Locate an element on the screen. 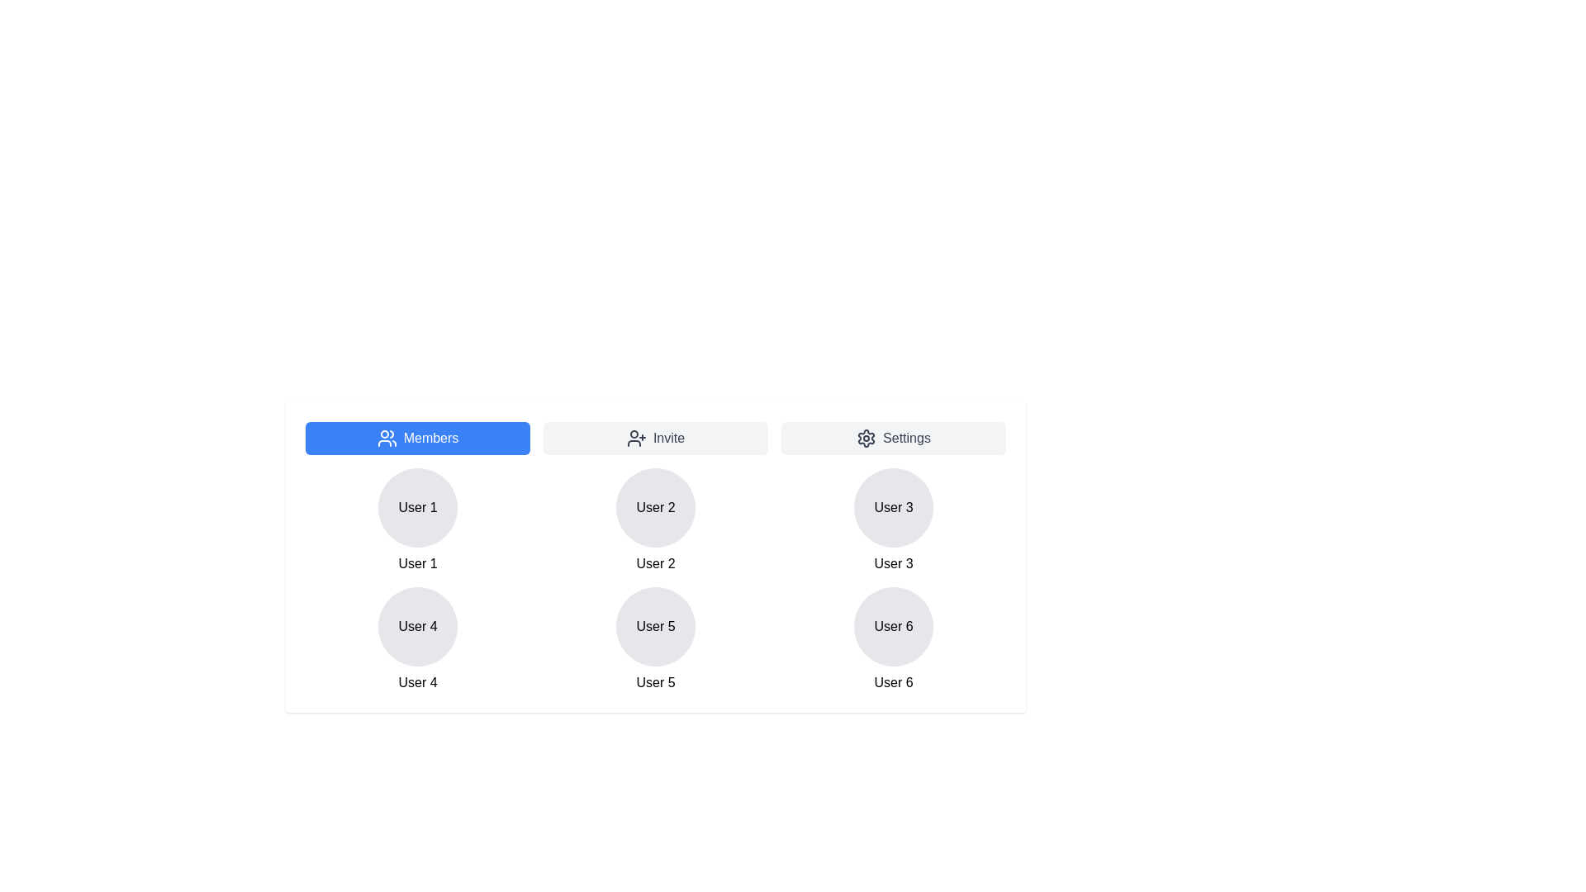  the composite element labeled 'User 5', which features a circular gray icon and descriptive text below it is located at coordinates (654, 639).